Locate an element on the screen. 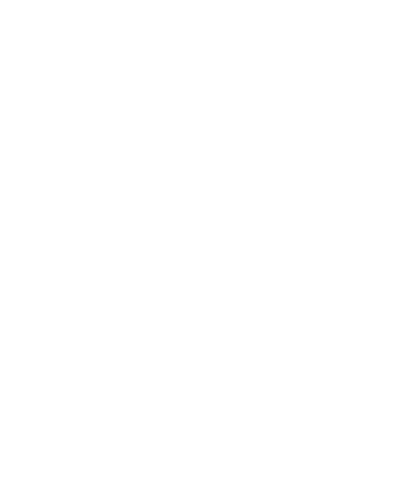  'November 2013' is located at coordinates (69, 100).